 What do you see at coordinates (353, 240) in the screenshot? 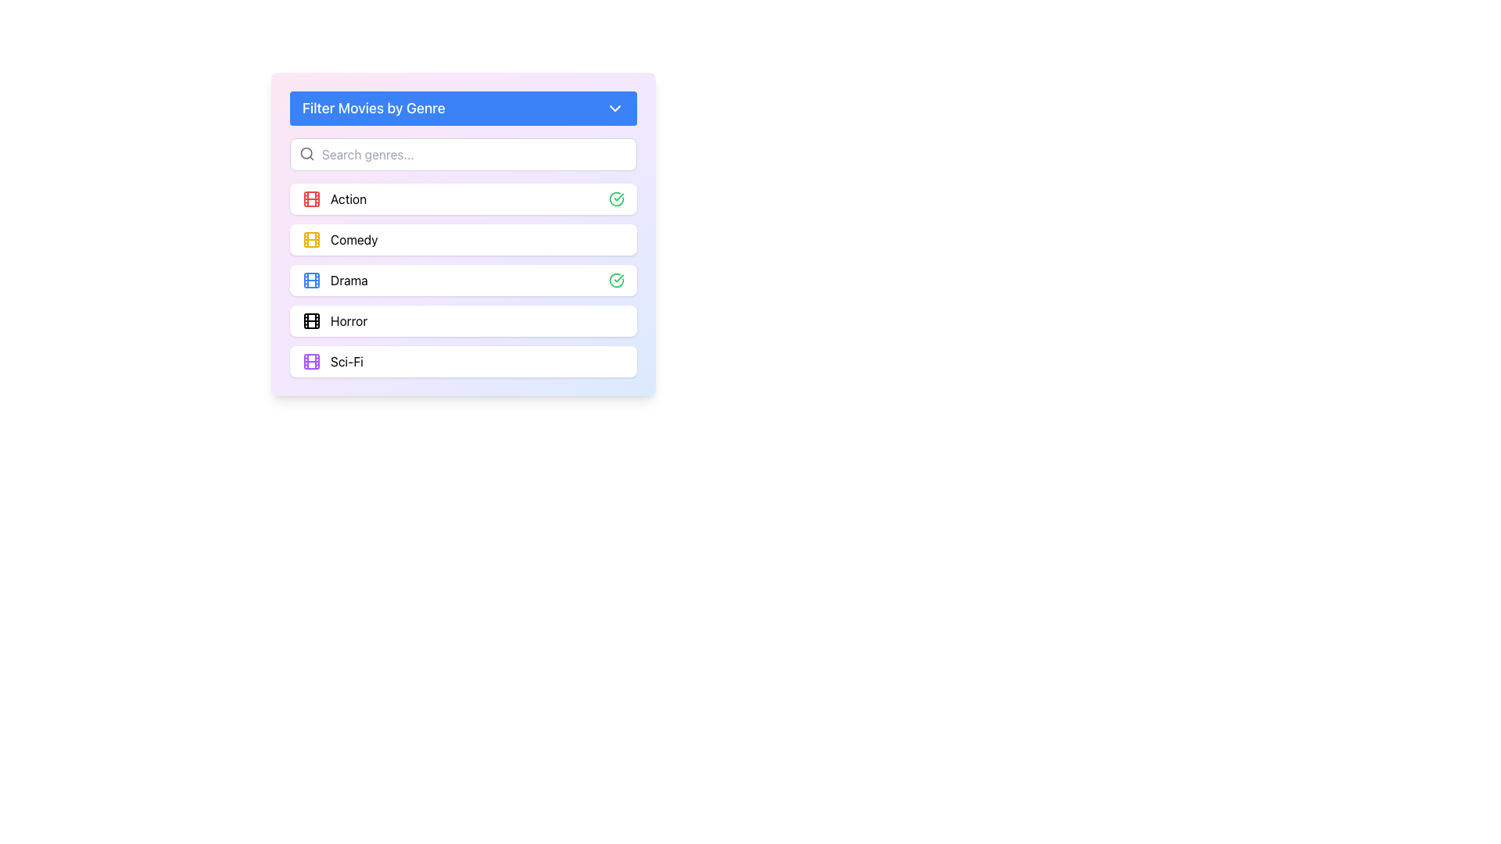
I see `the 'Comedy' text label, which is the second item in the list under 'Filter Movies by Genre'` at bounding box center [353, 240].